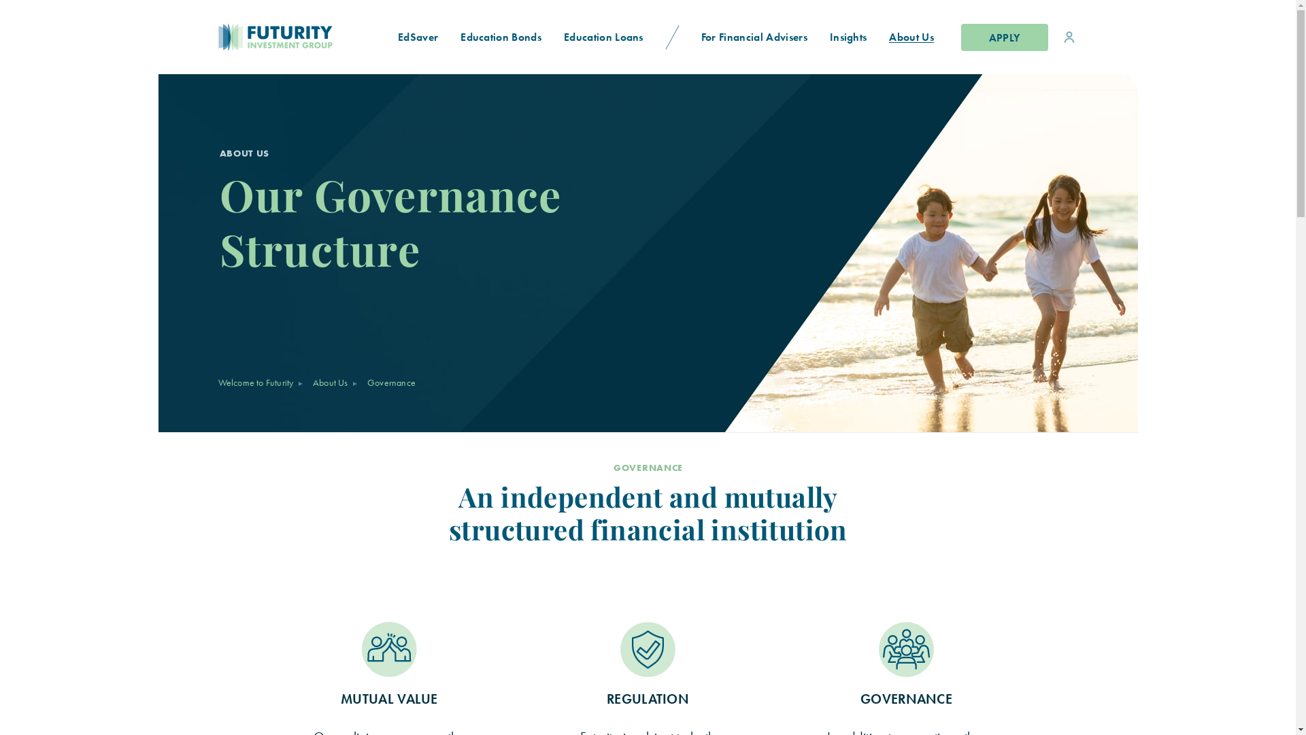  Describe the element at coordinates (552, 36) in the screenshot. I see `'Education Loans'` at that location.